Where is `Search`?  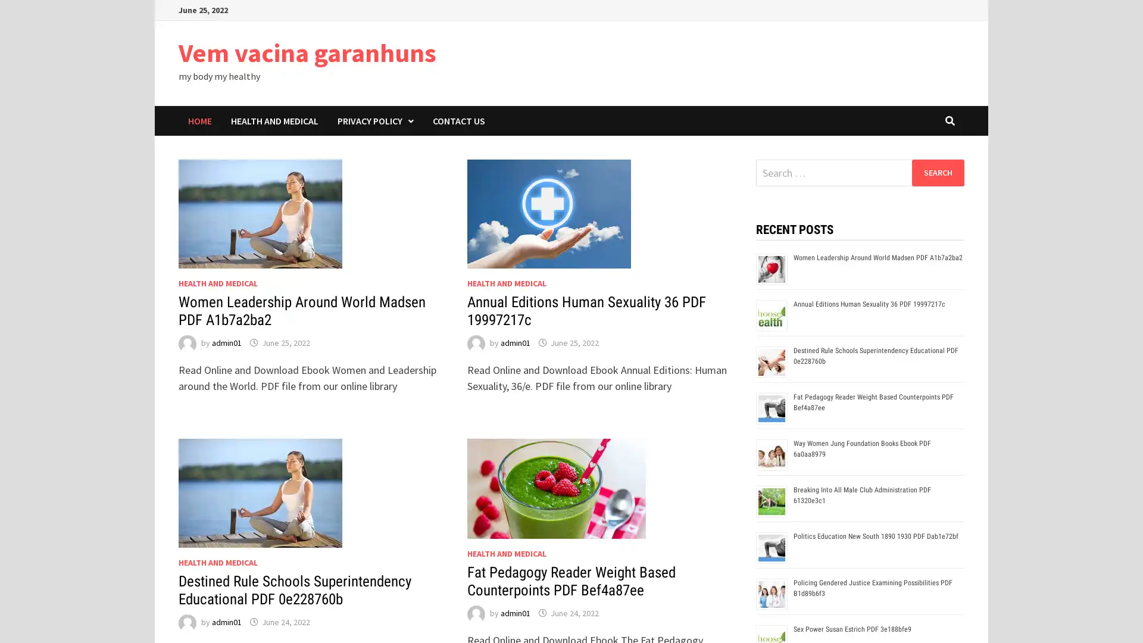
Search is located at coordinates (937, 172).